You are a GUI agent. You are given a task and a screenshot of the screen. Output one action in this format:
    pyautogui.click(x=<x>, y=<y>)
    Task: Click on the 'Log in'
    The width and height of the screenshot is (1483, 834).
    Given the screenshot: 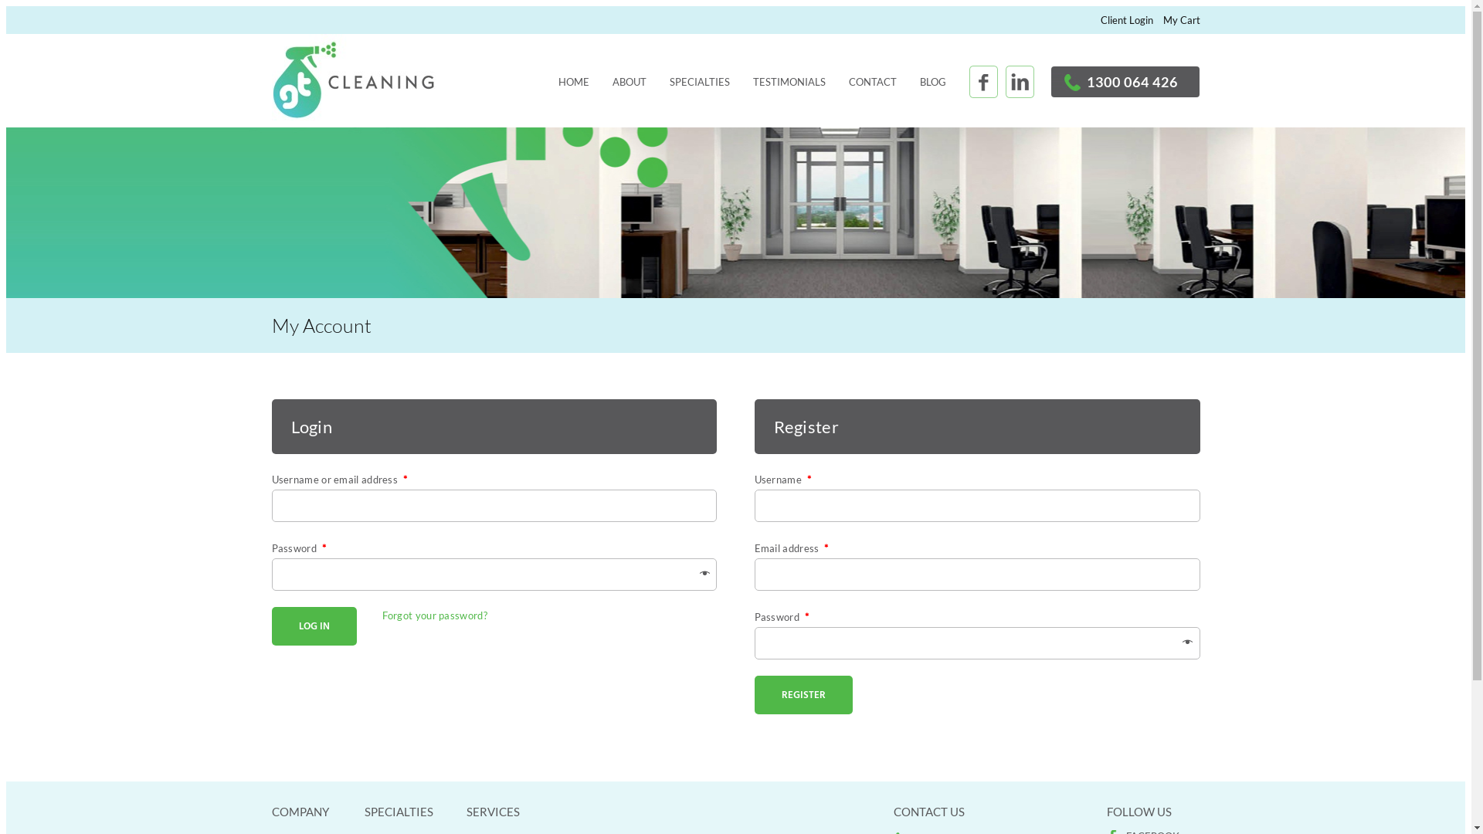 What is the action you would take?
    pyautogui.click(x=271, y=625)
    